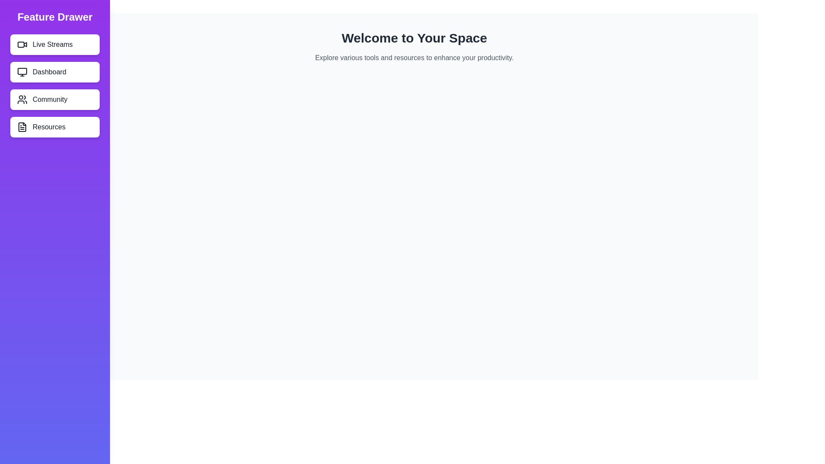 This screenshot has width=825, height=464. Describe the element at coordinates (55, 99) in the screenshot. I see `the 'Community' button` at that location.